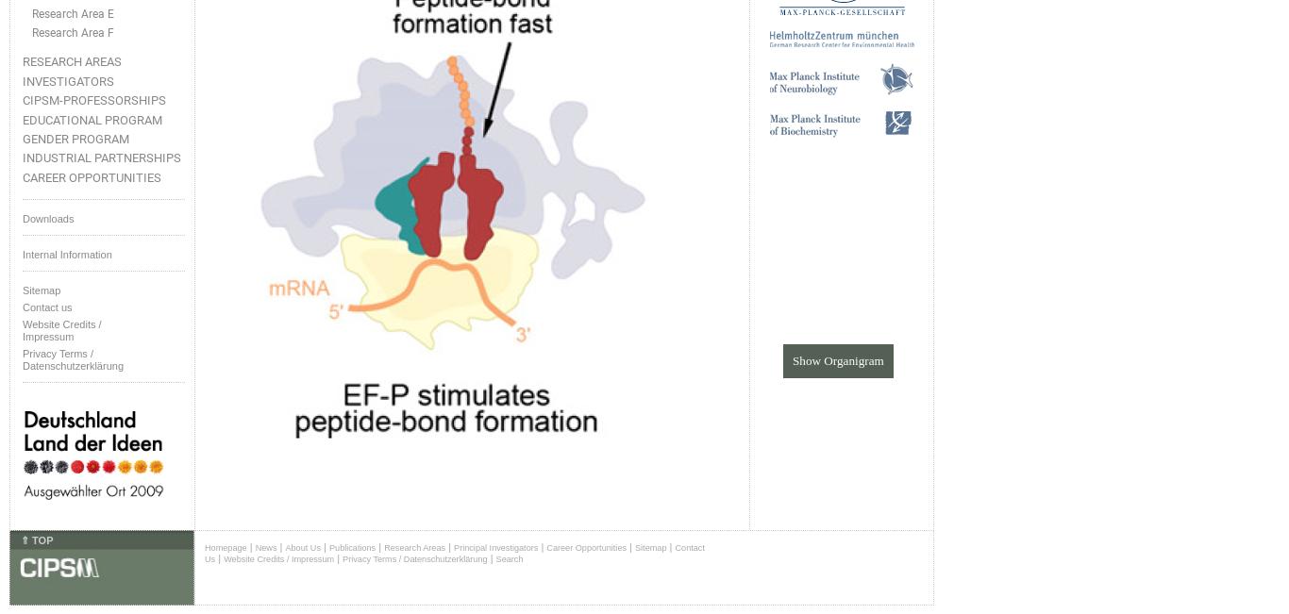 The width and height of the screenshot is (1289, 614). Describe the element at coordinates (23, 324) in the screenshot. I see `'Website Credits /'` at that location.